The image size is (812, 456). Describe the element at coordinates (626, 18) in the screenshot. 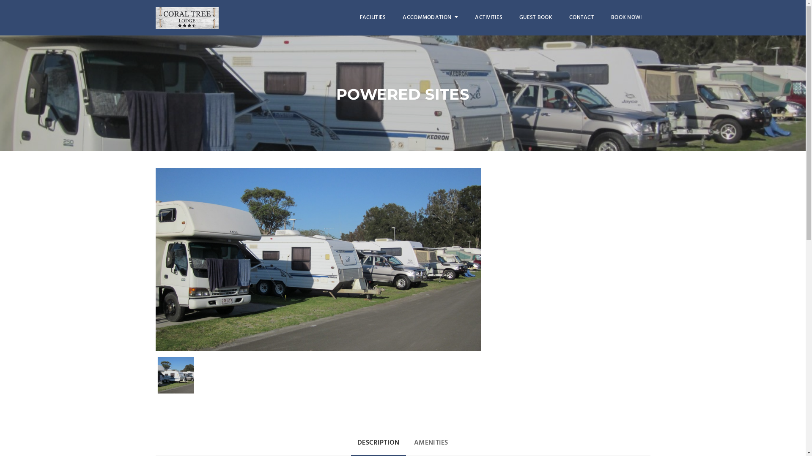

I see `'BOOK NOW!'` at that location.